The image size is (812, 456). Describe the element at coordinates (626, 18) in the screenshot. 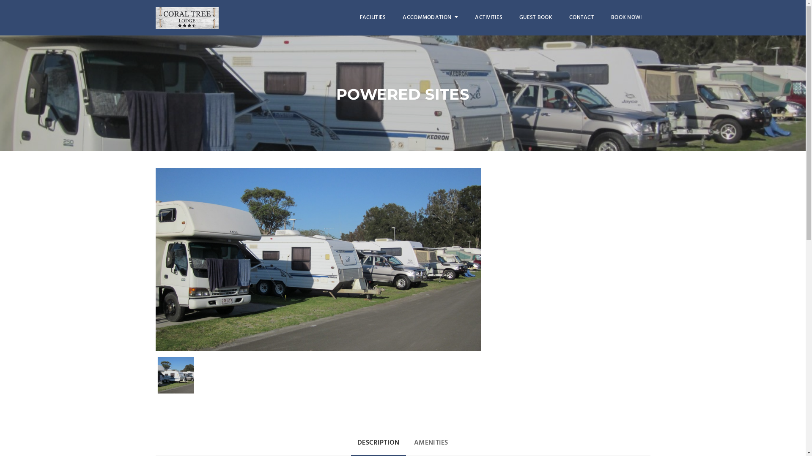

I see `'BOOK NOW!'` at that location.